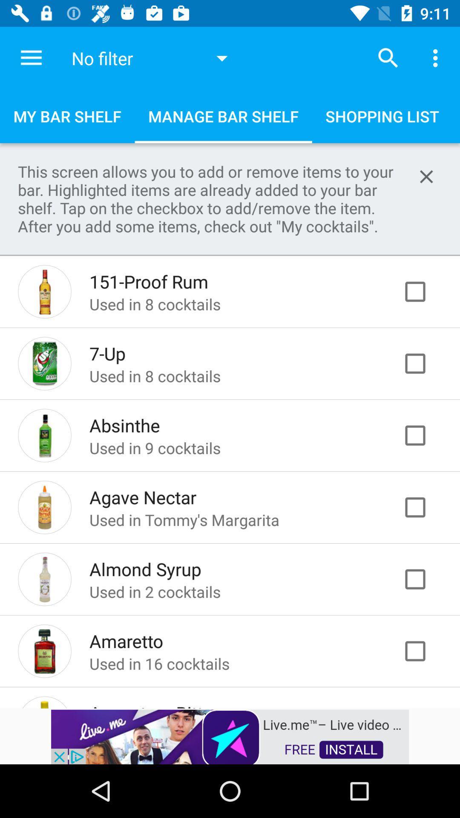 Image resolution: width=460 pixels, height=818 pixels. I want to click on this item, so click(424, 363).